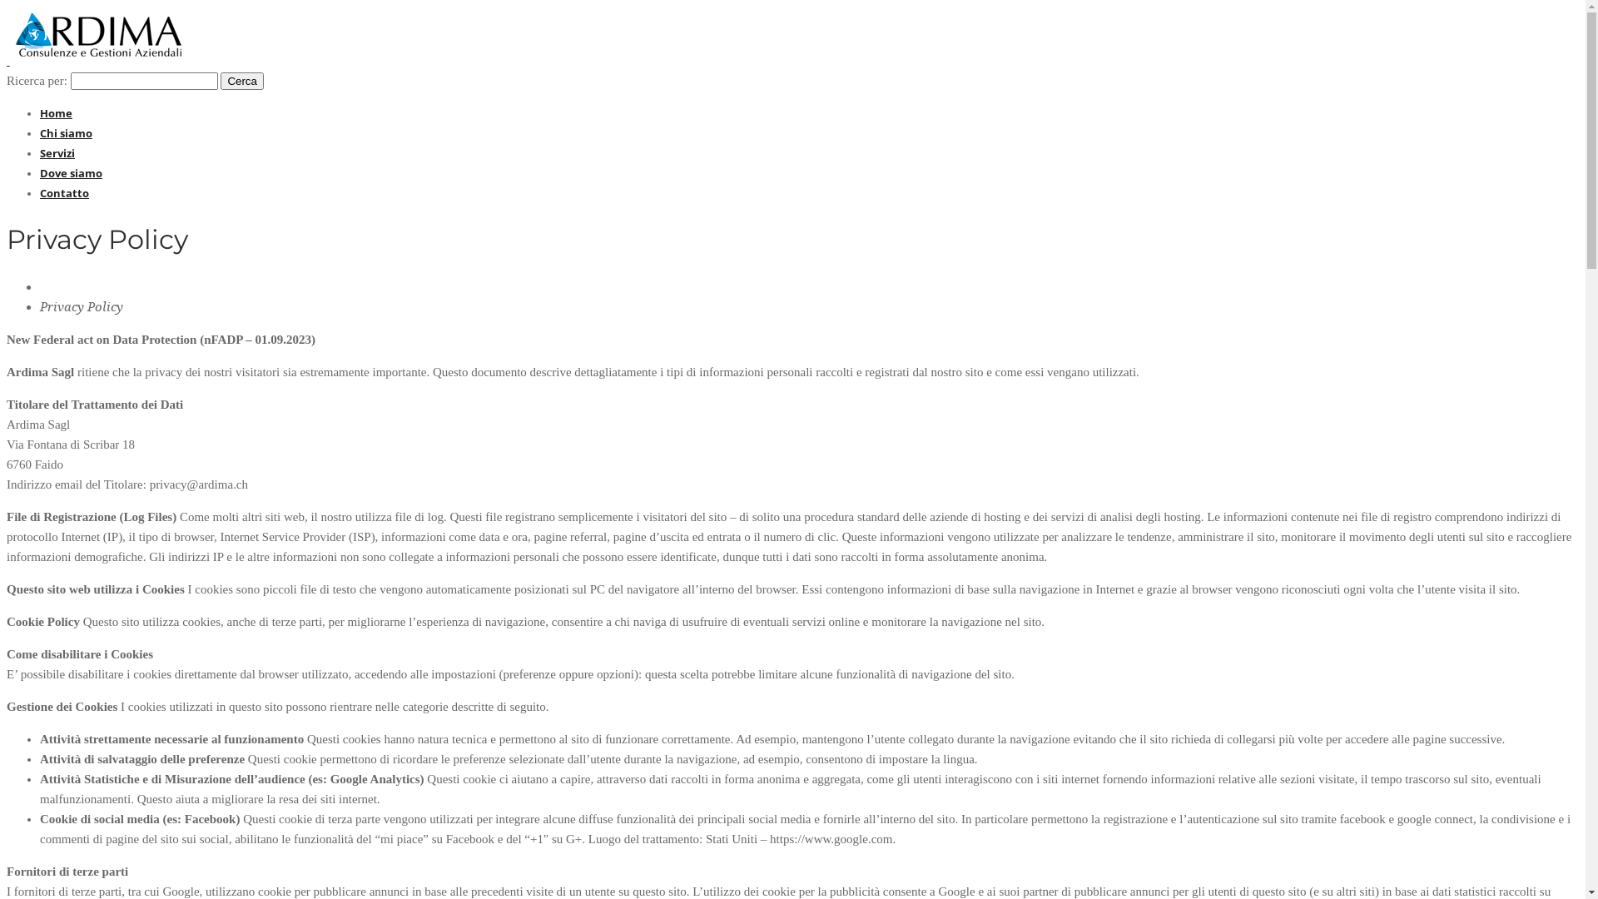 This screenshot has height=899, width=1598. Describe the element at coordinates (66, 132) in the screenshot. I see `'Chi siamo'` at that location.